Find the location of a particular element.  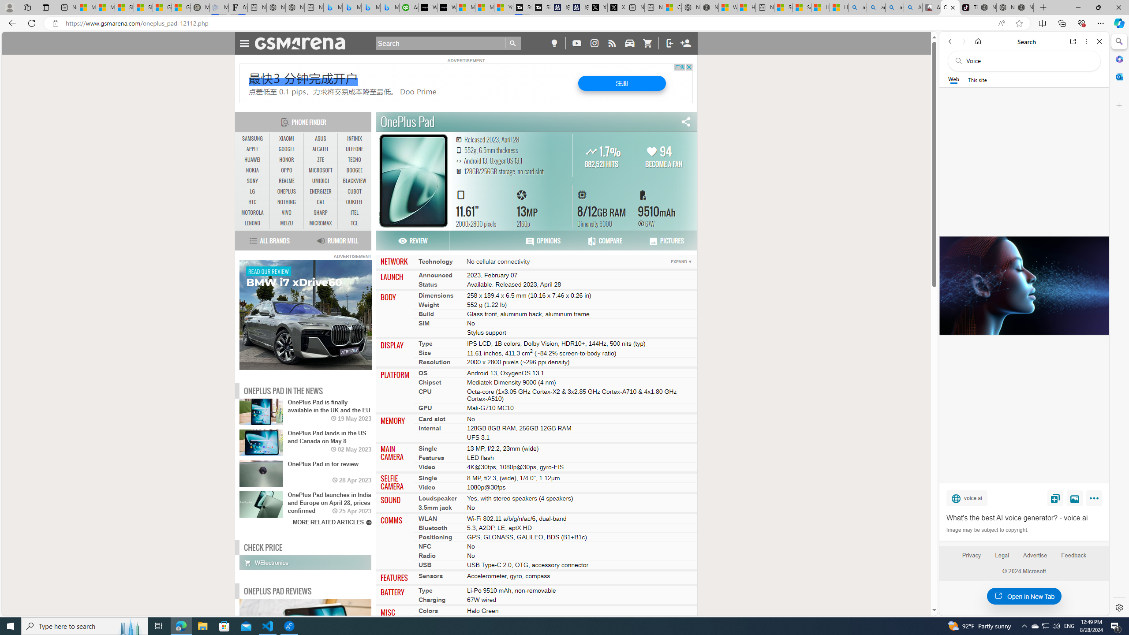

'Single' is located at coordinates (428, 478).